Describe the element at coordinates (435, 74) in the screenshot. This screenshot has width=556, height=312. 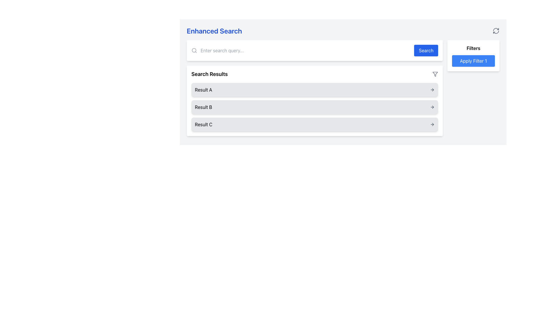
I see `the filter icon represented by a funnel shape located at the far right of the 'Search Results' section` at that location.